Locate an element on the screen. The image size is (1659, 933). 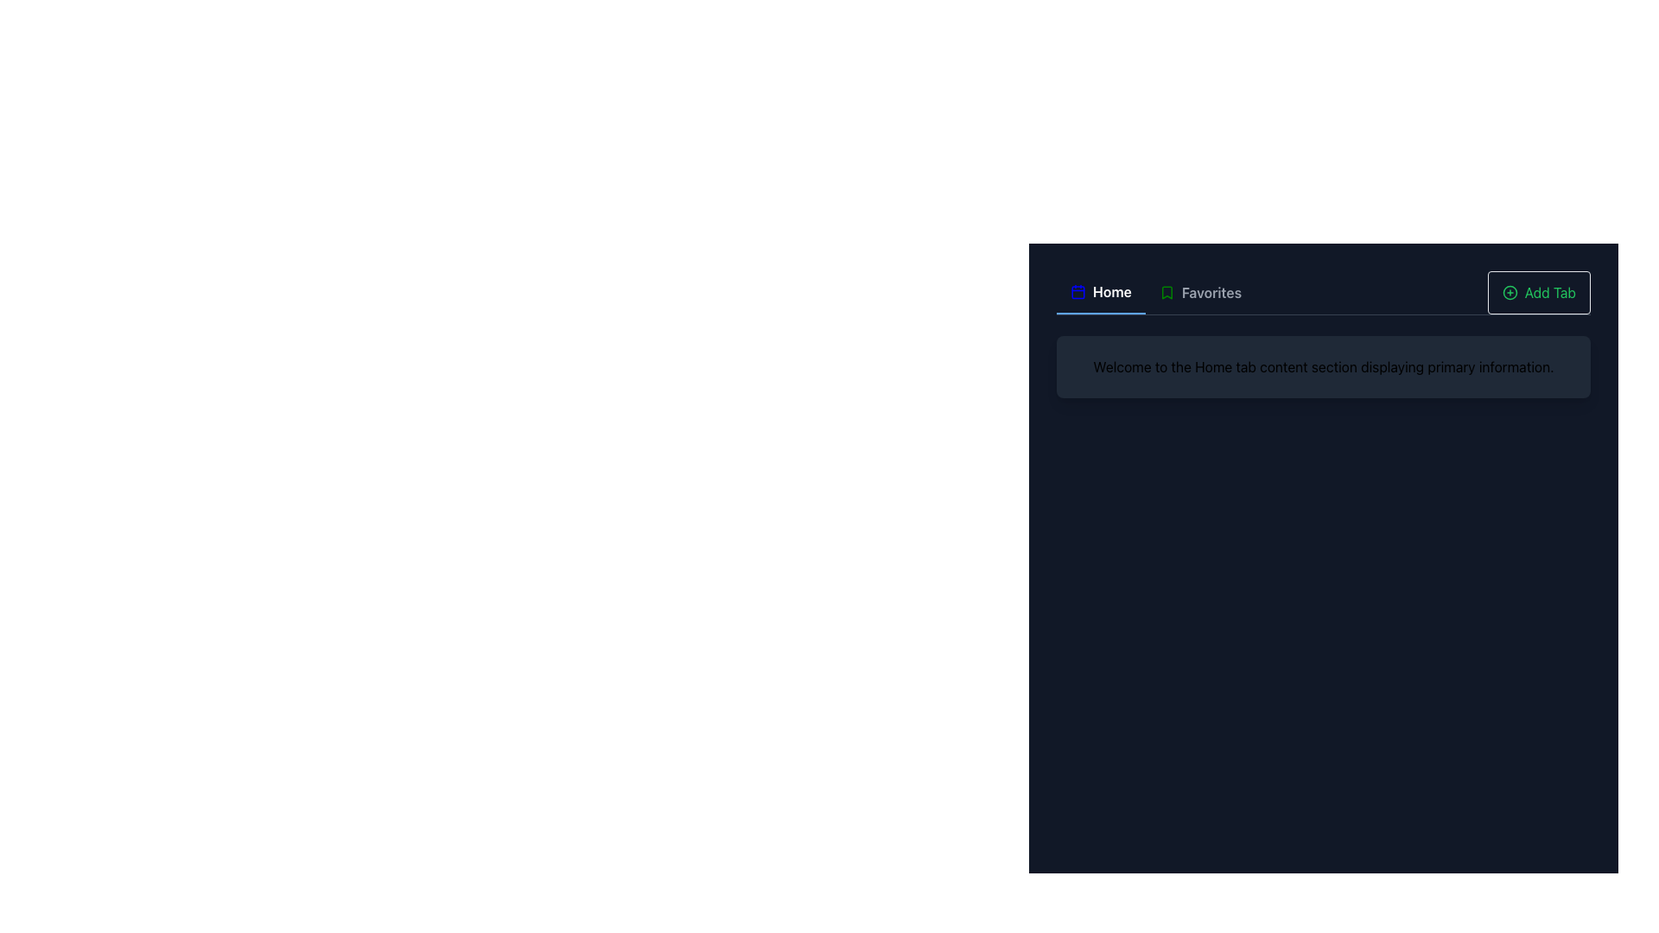
the bookmark SVG icon located in the top-right portion of the interface, adjacent to other interactive elements is located at coordinates (1166, 292).